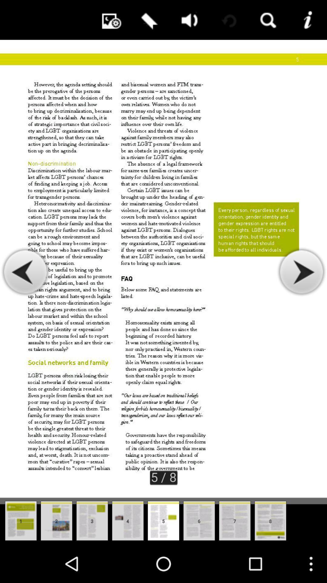  I want to click on the volume icon, so click(187, 21).